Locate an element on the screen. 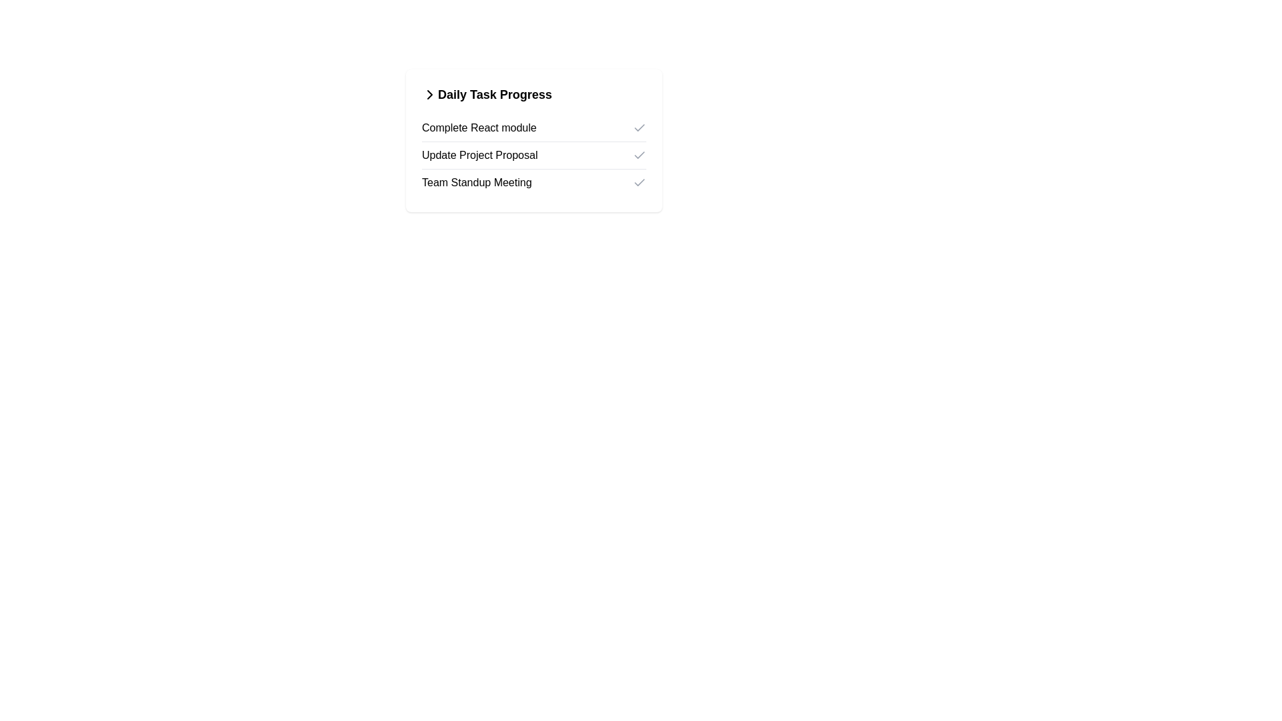 The height and width of the screenshot is (721, 1282). checkmark icon, which indicates completion, located to the right of the text 'Complete React module' in the task list, using development tools is located at coordinates (639, 128).